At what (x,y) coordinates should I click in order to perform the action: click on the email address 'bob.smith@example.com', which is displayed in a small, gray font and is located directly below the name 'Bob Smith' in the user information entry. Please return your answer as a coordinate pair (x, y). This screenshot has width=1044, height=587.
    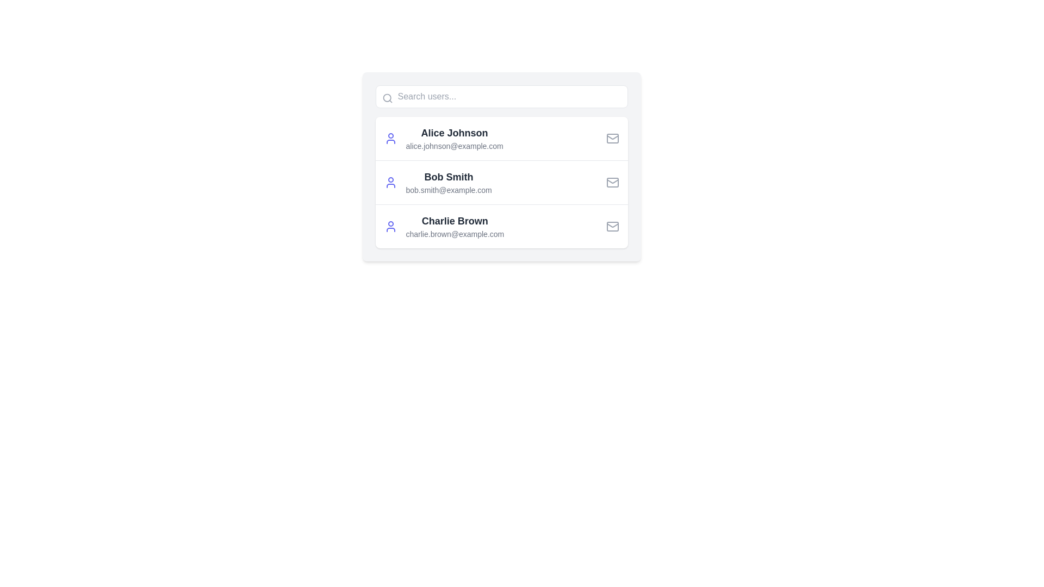
    Looking at the image, I should click on (449, 190).